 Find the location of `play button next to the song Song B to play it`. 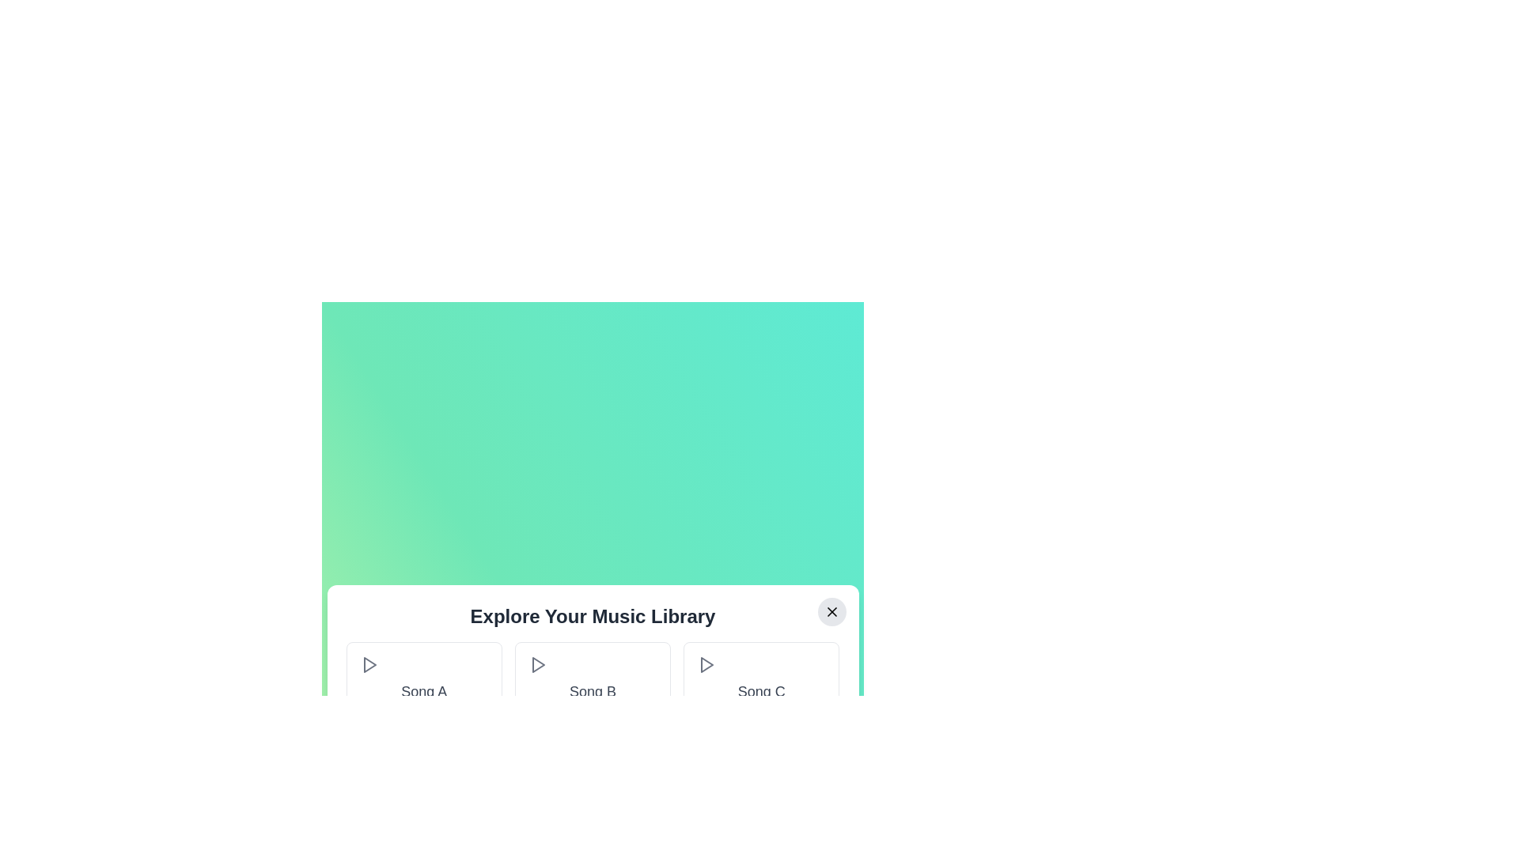

play button next to the song Song B to play it is located at coordinates (537, 664).